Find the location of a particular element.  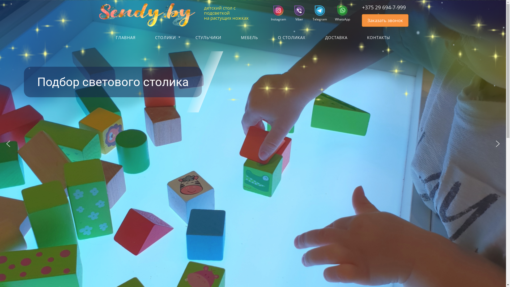

'WhatsApp' is located at coordinates (340, 13).